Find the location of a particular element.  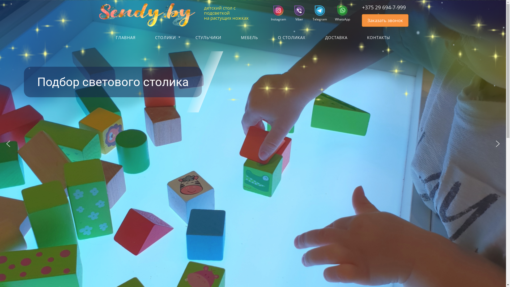

'WhatsApp' is located at coordinates (340, 13).